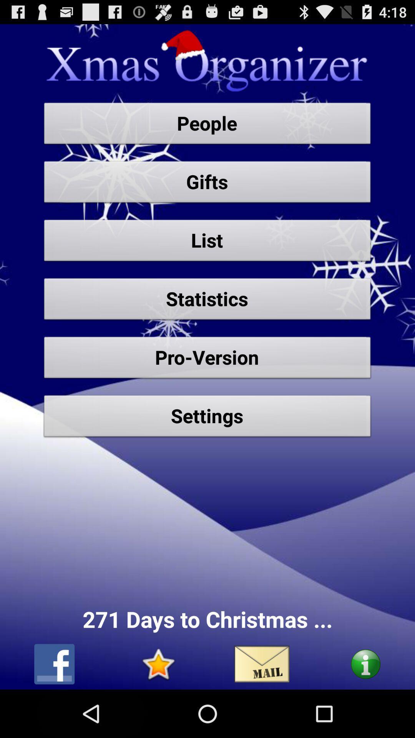 The width and height of the screenshot is (415, 738). What do you see at coordinates (158, 710) in the screenshot?
I see `the star icon` at bounding box center [158, 710].